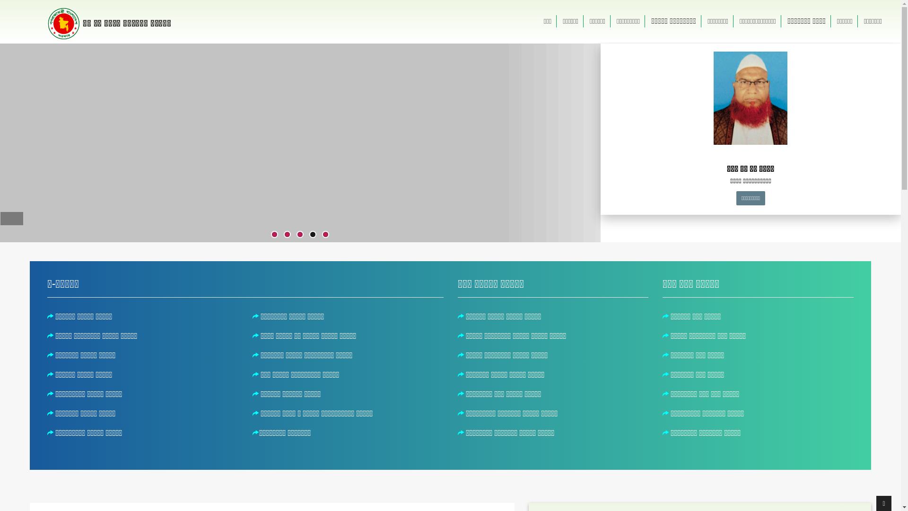  What do you see at coordinates (274, 234) in the screenshot?
I see `'1'` at bounding box center [274, 234].